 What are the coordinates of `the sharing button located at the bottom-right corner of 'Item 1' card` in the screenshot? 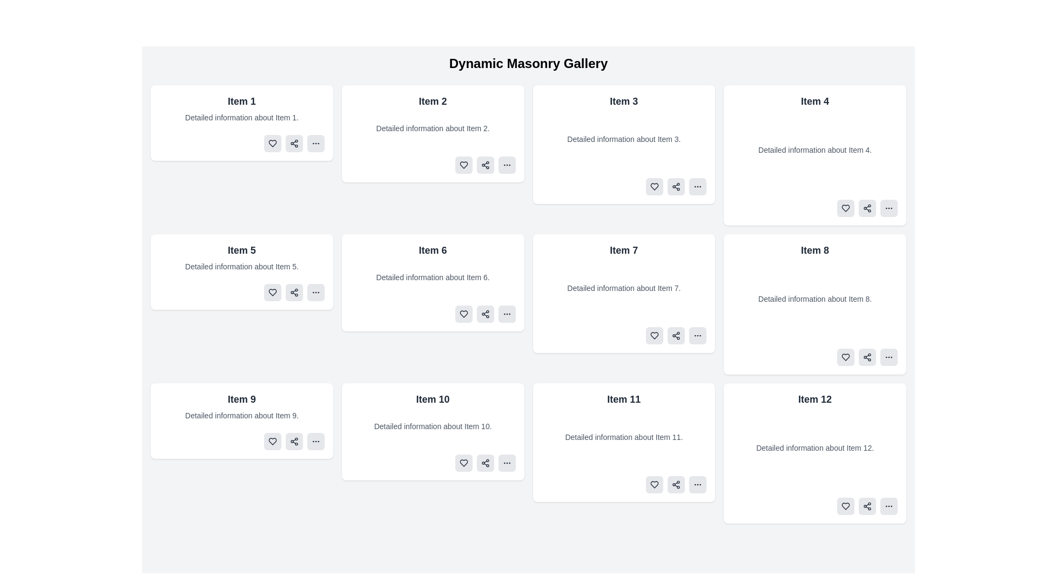 It's located at (294, 143).